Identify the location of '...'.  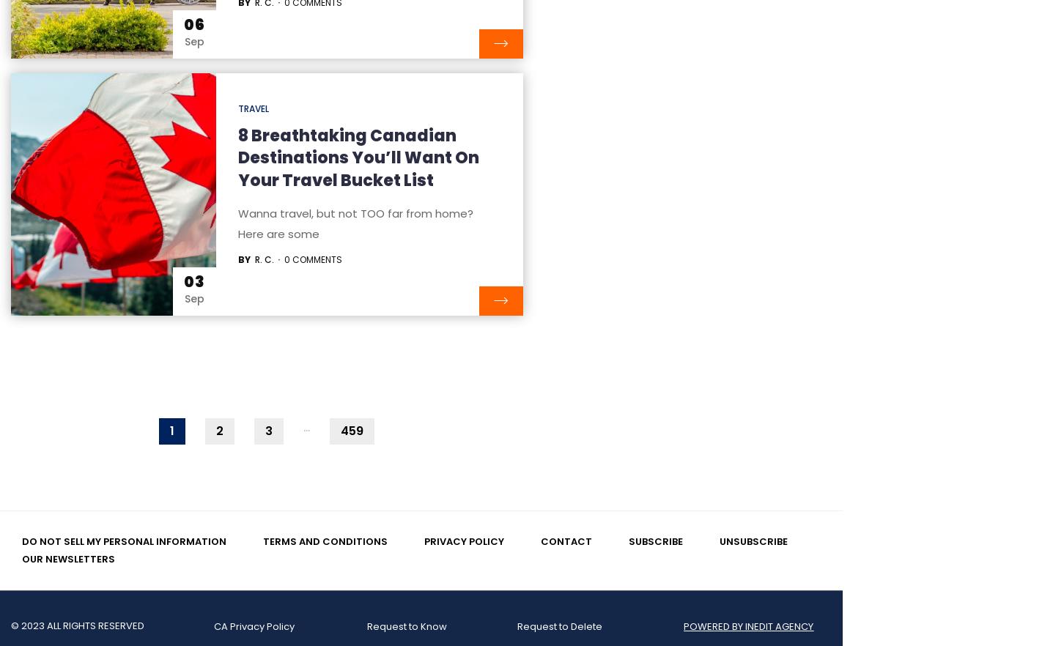
(303, 426).